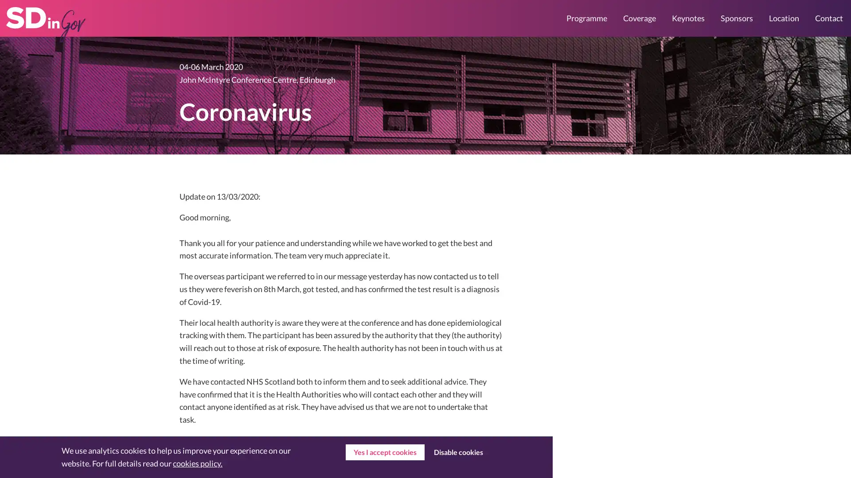  I want to click on Yes I accept cookies, so click(385, 452).